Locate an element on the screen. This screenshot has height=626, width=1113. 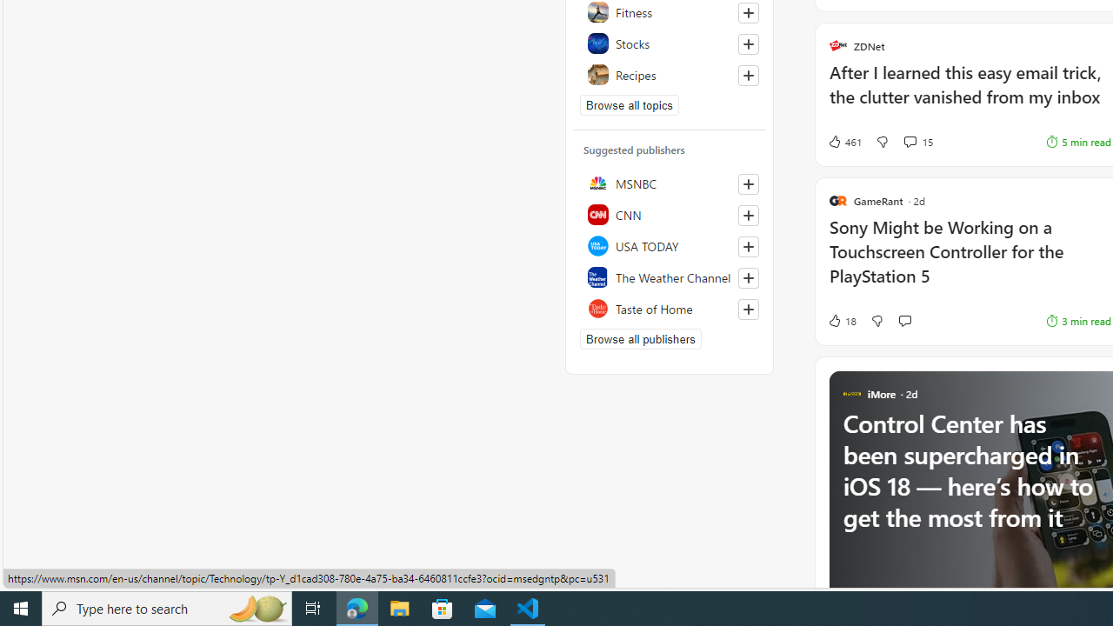
'Follow this source' is located at coordinates (748, 309).